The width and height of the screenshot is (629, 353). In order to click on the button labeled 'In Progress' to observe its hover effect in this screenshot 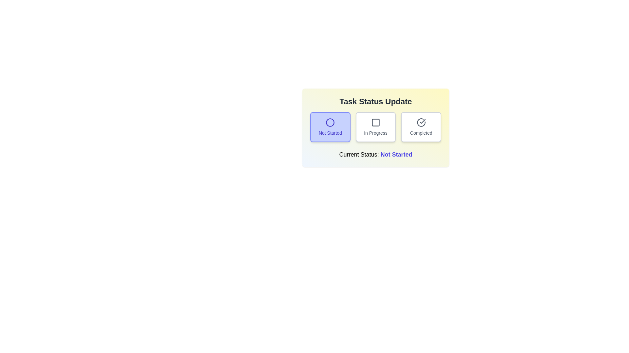, I will do `click(376, 127)`.